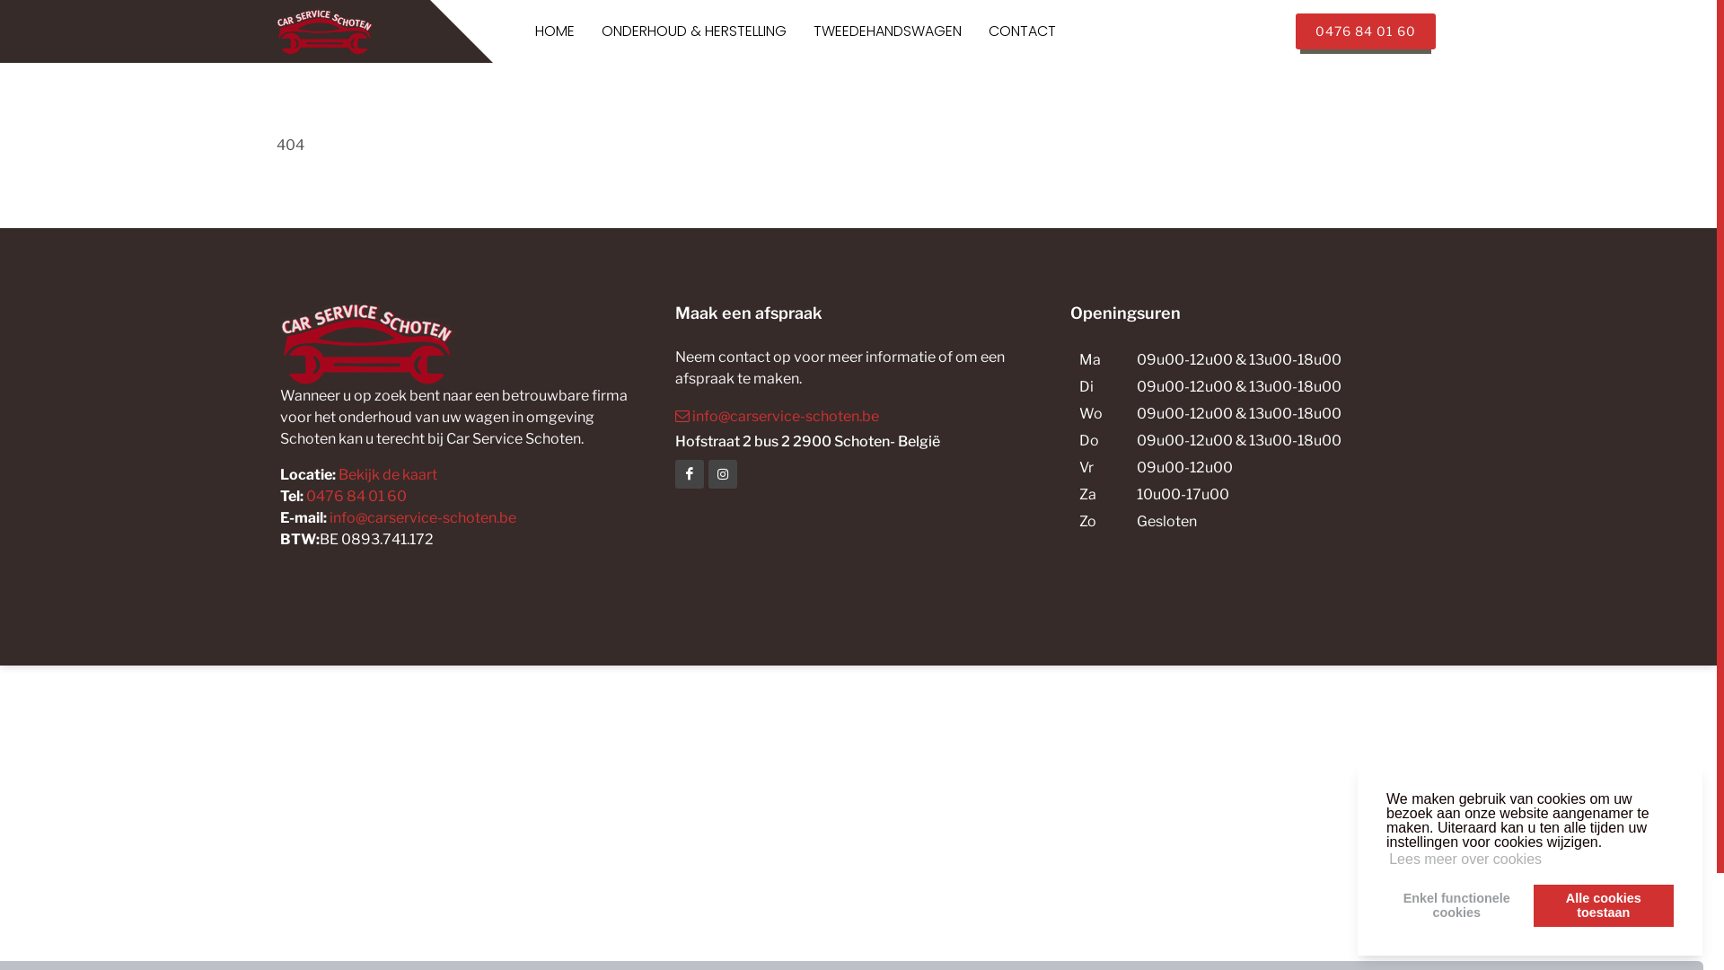 The width and height of the screenshot is (1724, 970). Describe the element at coordinates (799, 31) in the screenshot. I see `'TWEEDEHANDSWAGEN'` at that location.